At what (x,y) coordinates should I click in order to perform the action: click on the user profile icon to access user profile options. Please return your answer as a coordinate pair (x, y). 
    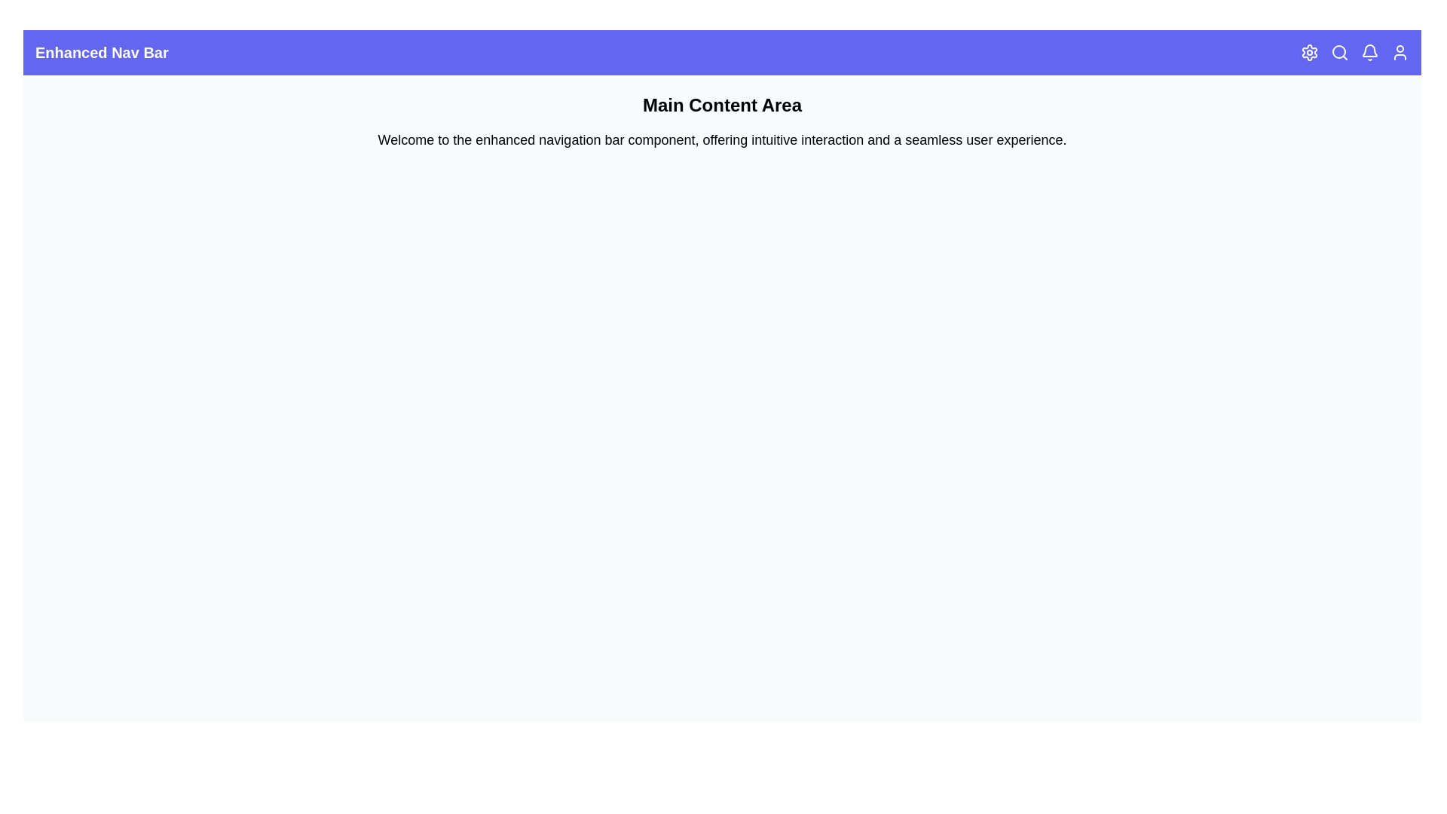
    Looking at the image, I should click on (1399, 51).